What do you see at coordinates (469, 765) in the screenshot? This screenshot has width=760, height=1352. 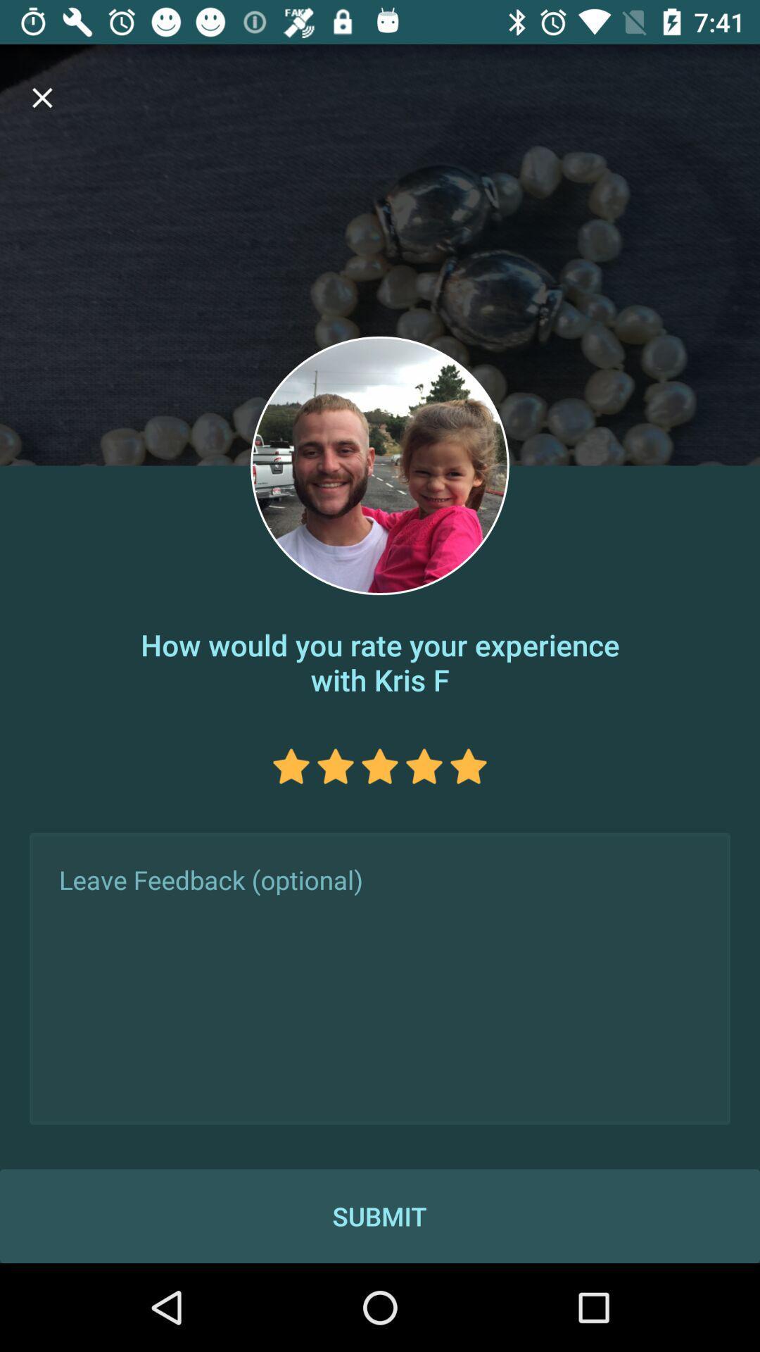 I see `rate with 5 stars` at bounding box center [469, 765].